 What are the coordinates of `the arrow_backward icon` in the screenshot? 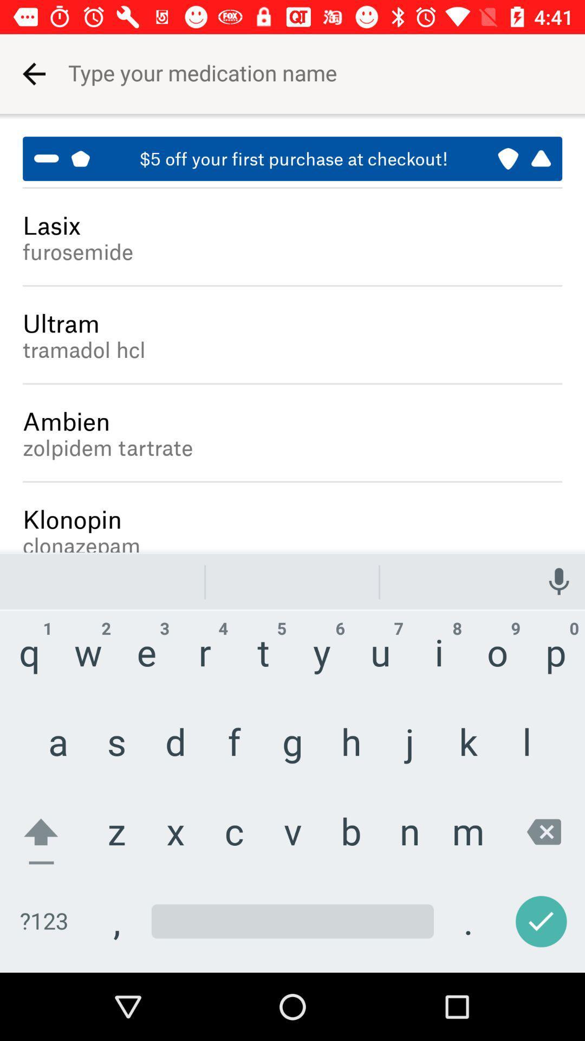 It's located at (32, 67).